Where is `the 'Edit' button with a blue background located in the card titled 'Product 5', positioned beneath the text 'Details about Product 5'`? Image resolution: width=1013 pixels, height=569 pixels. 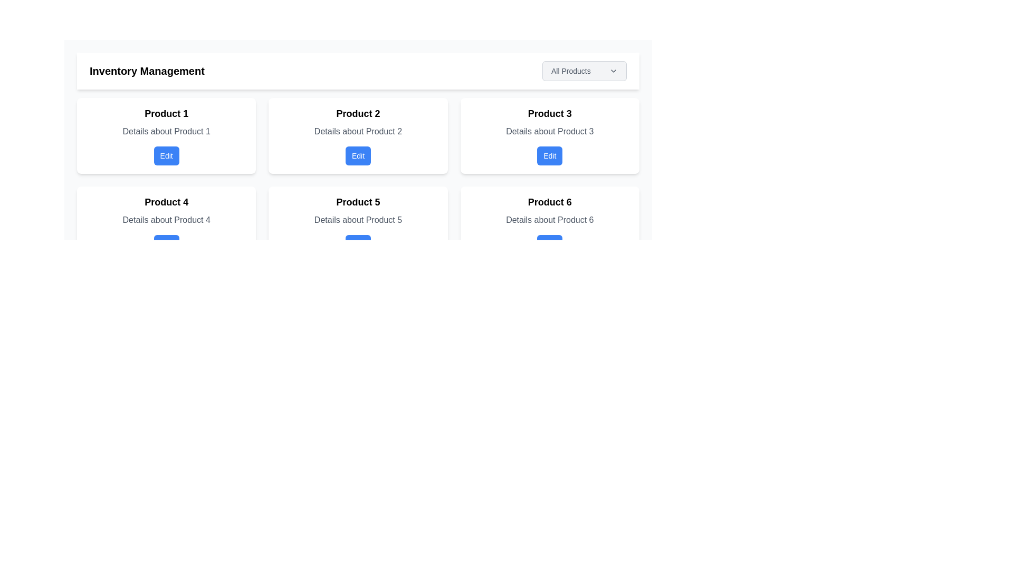
the 'Edit' button with a blue background located in the card titled 'Product 5', positioned beneath the text 'Details about Product 5' is located at coordinates (358, 244).